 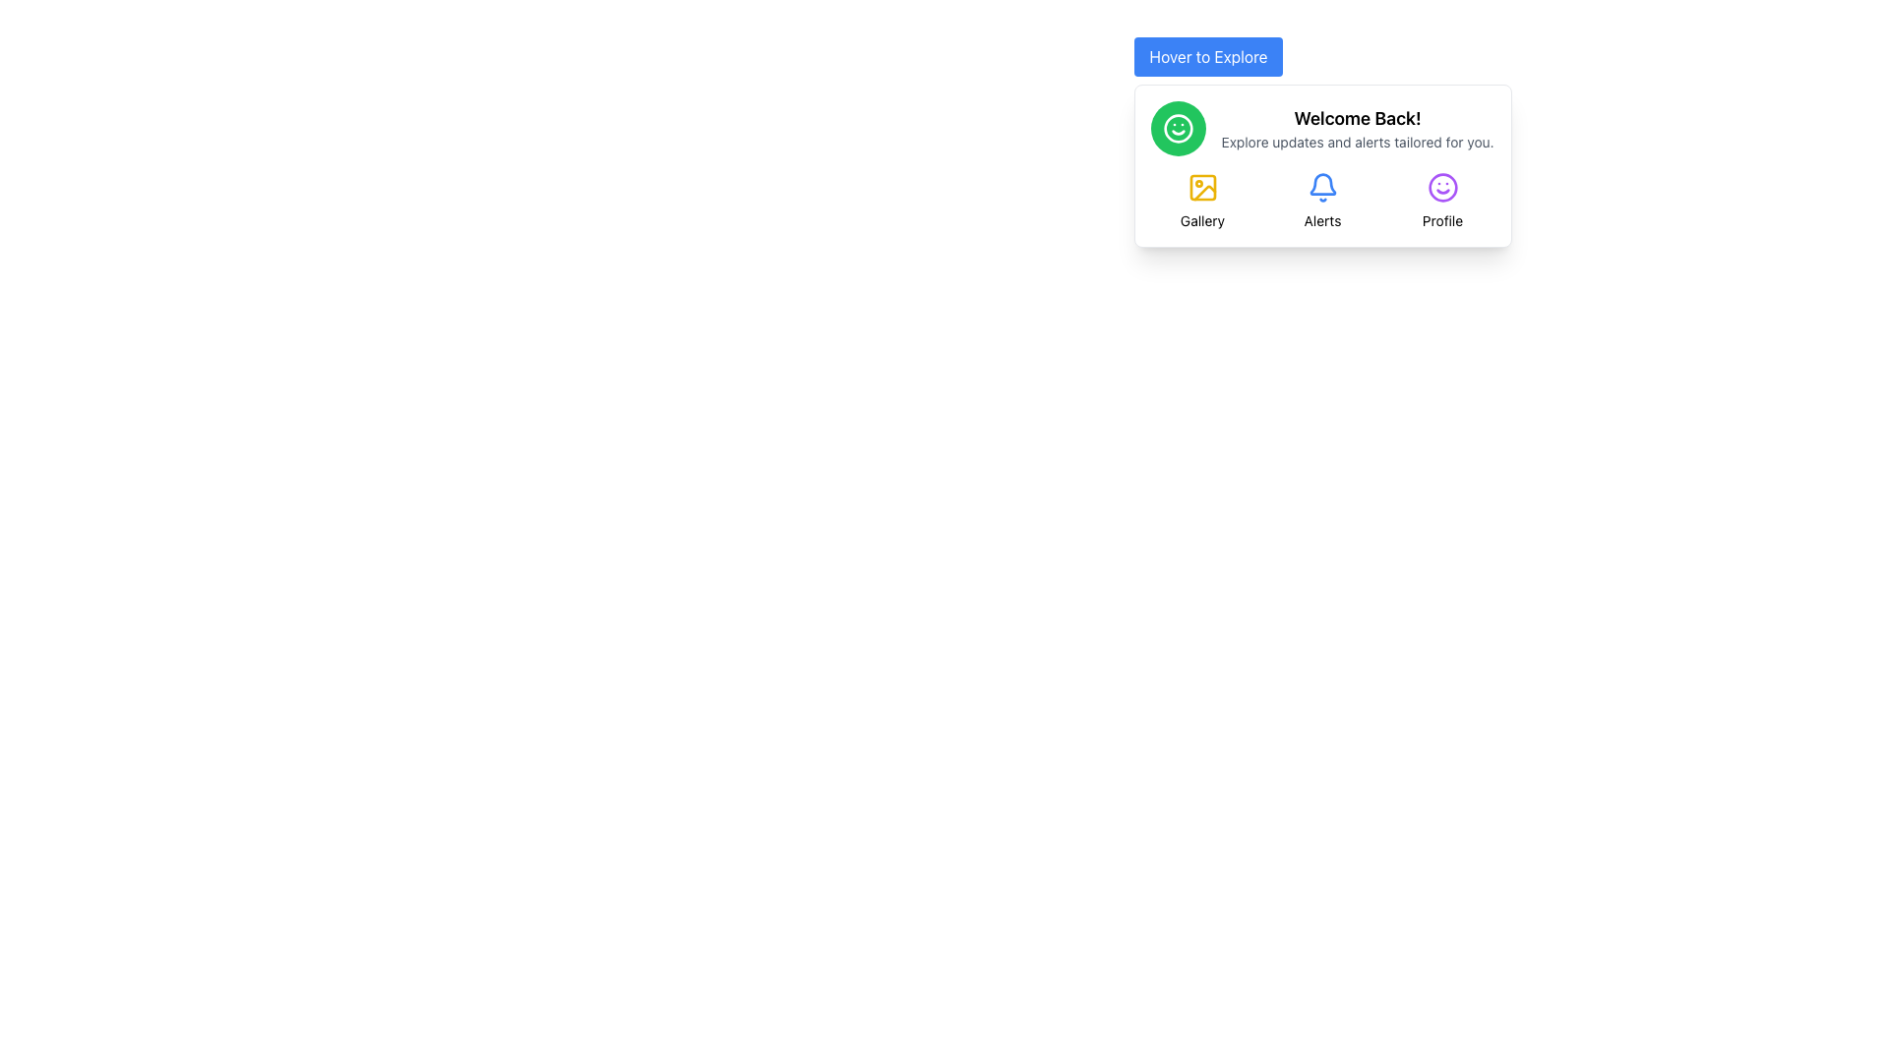 What do you see at coordinates (1357, 142) in the screenshot?
I see `the descriptive text label that provides additional information below 'Welcome Back!' in the card layout` at bounding box center [1357, 142].